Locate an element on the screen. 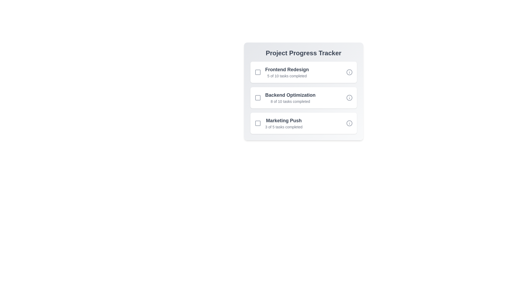 This screenshot has width=511, height=287. the checkbox corresponding to Frontend Redesign to mark it as selected or completed is located at coordinates (258, 72).